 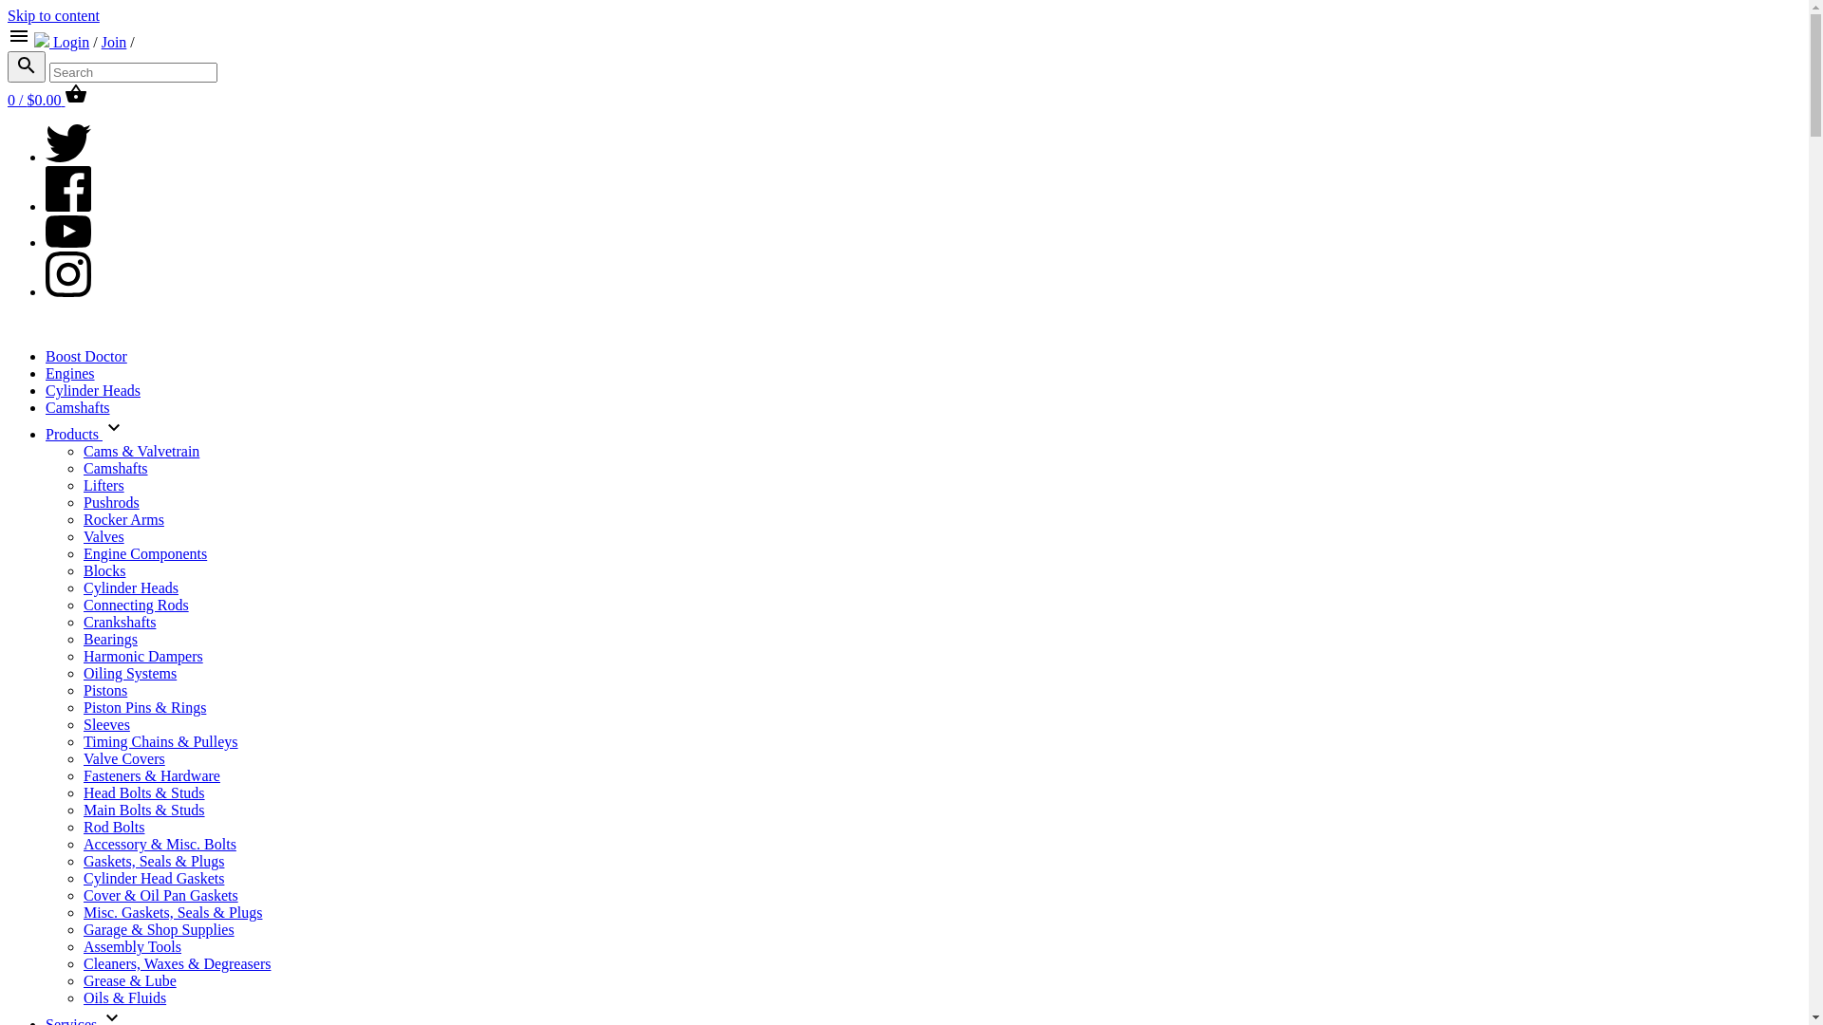 I want to click on 'Cylinder Heads', so click(x=91, y=389).